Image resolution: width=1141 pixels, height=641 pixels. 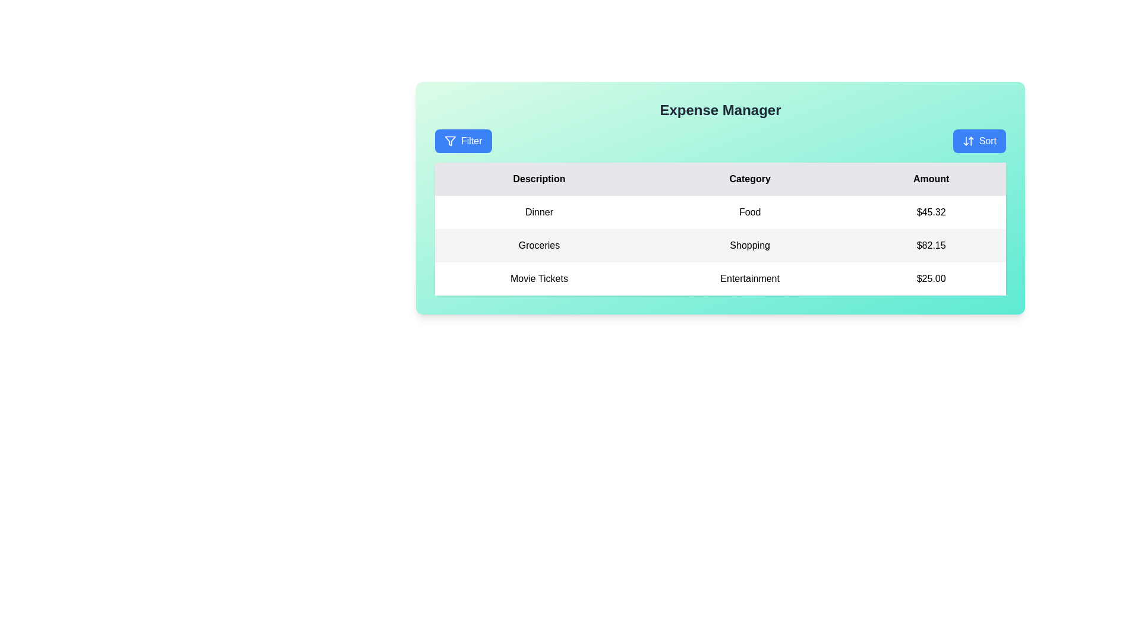 What do you see at coordinates (749, 212) in the screenshot?
I see `the static text element that represents the category 'Food' in the first row of the table under the column titled 'Category'` at bounding box center [749, 212].